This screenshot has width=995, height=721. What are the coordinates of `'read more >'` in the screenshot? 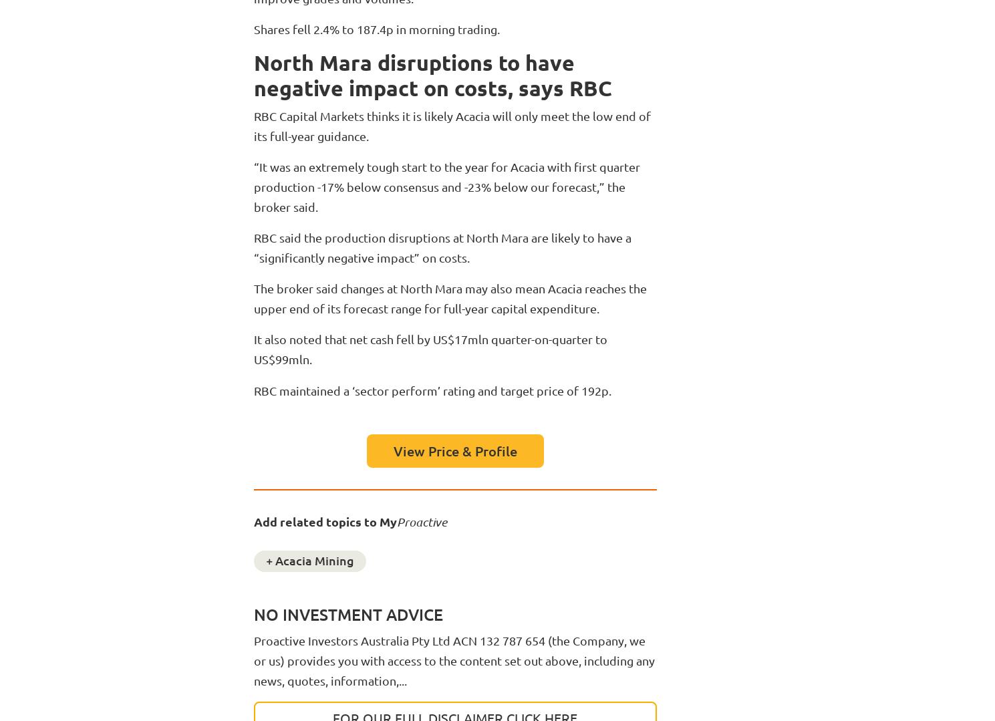 It's located at (156, 694).